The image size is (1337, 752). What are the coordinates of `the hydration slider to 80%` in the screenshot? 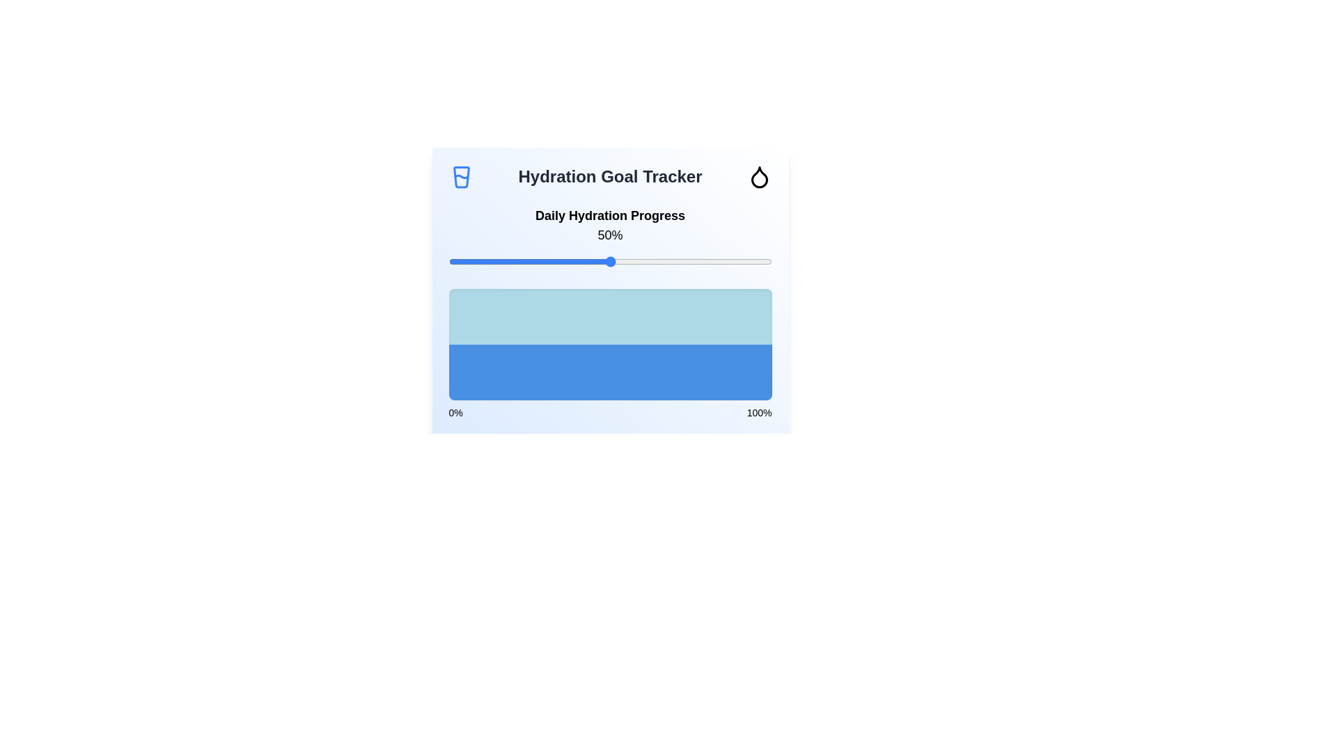 It's located at (707, 261).